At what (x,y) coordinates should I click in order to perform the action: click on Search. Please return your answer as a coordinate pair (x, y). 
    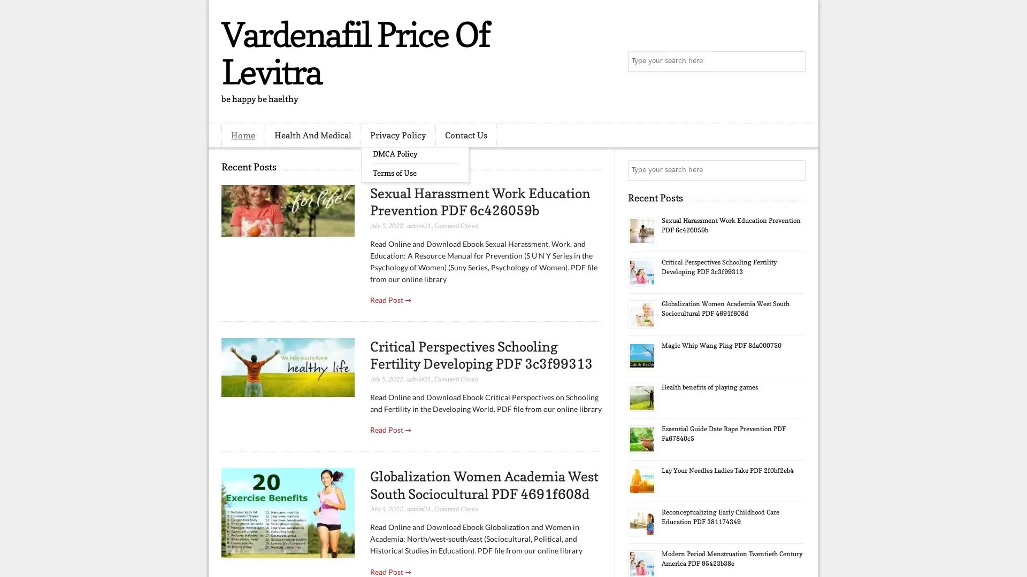
    Looking at the image, I should click on (794, 61).